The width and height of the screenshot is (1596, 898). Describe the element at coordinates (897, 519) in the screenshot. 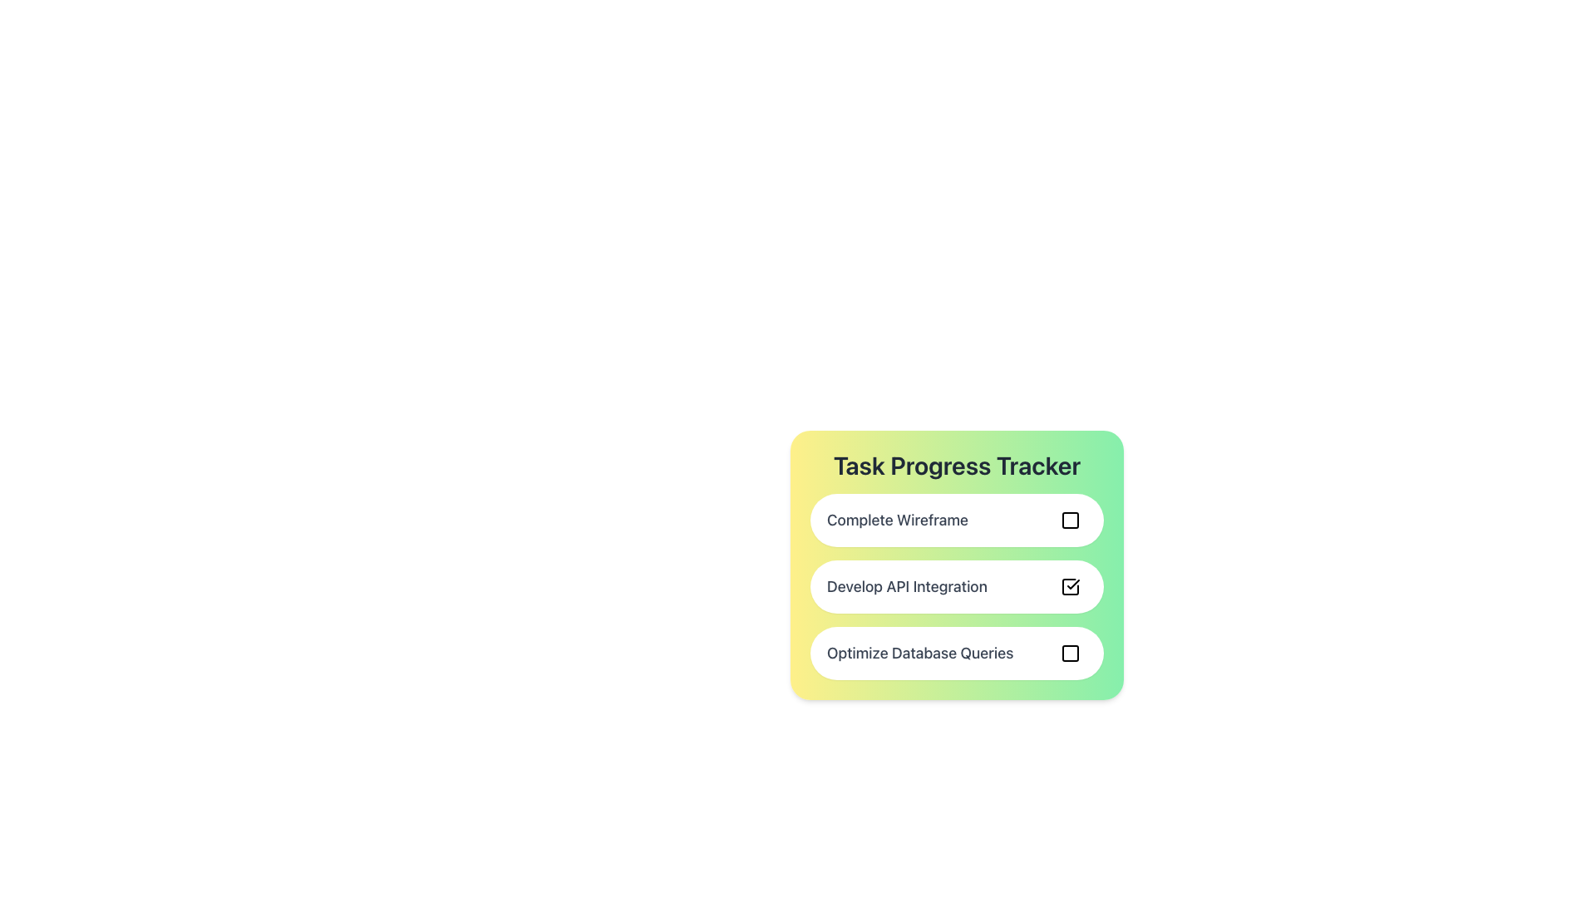

I see `the static text label reading 'Complete Wireframe', which is the first item in a list of tasks under the 'Task Progress Tracker' heading` at that location.